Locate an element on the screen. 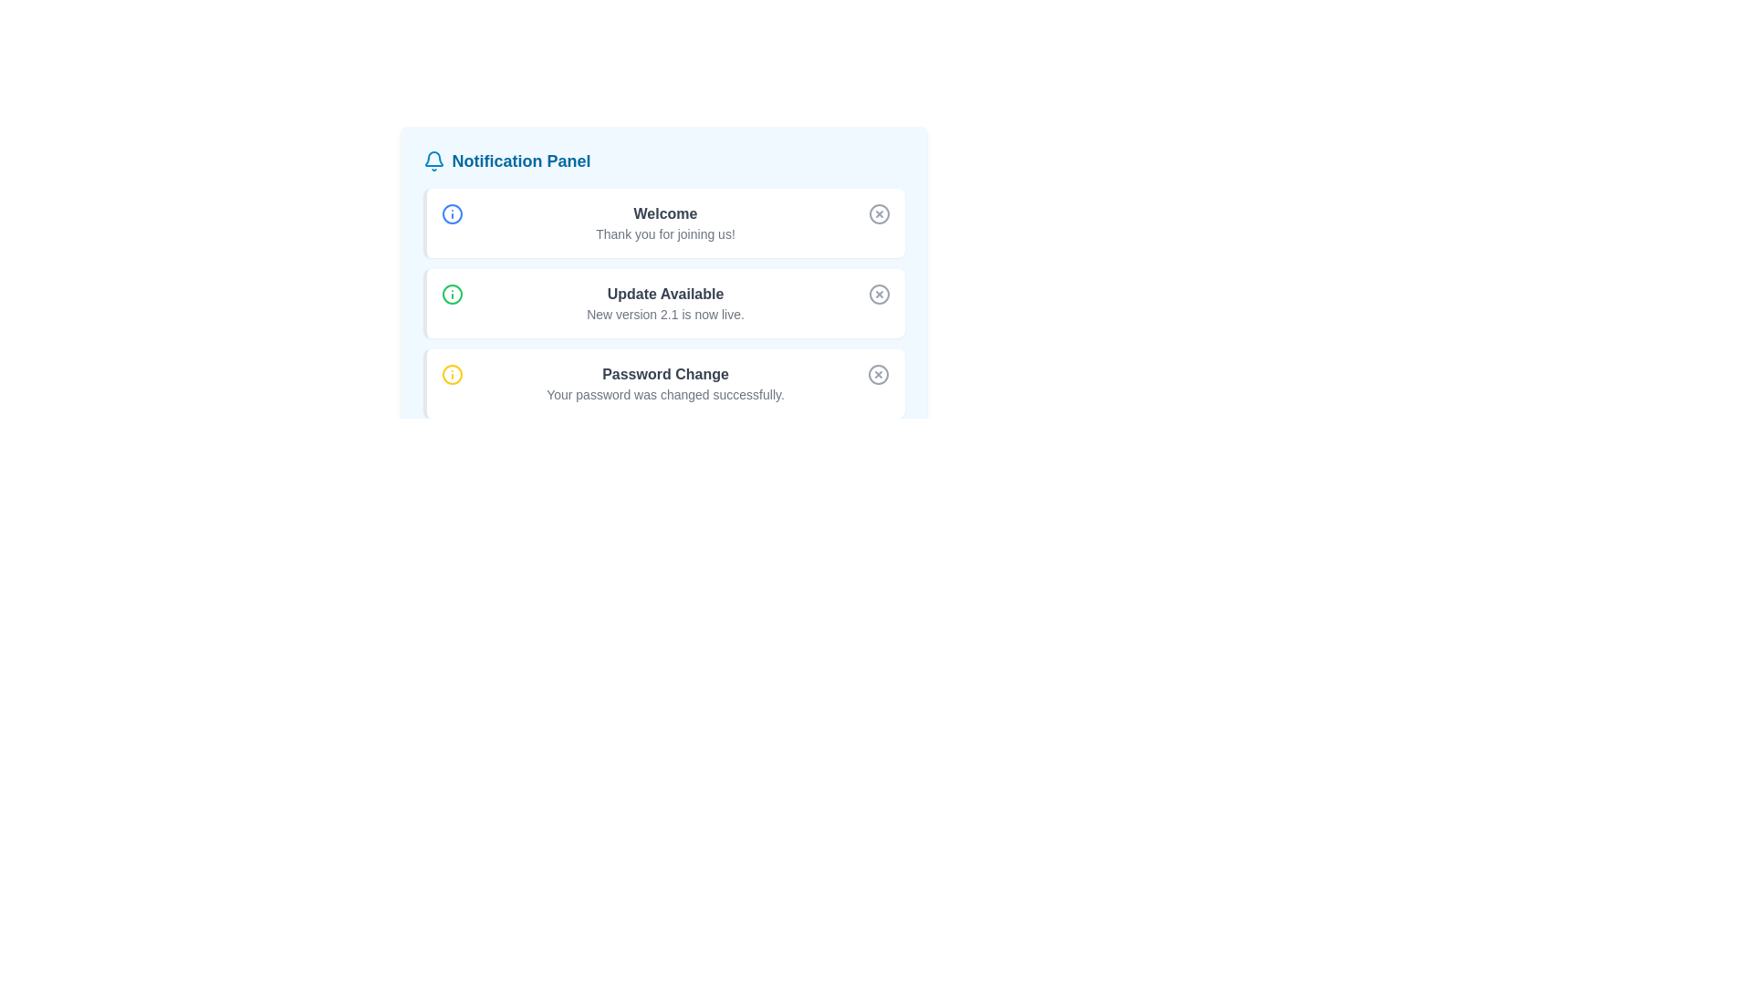  information displayed in the notification text element that shows 'Update Available' and 'New version 2.1 is now live.' is located at coordinates (664, 302).